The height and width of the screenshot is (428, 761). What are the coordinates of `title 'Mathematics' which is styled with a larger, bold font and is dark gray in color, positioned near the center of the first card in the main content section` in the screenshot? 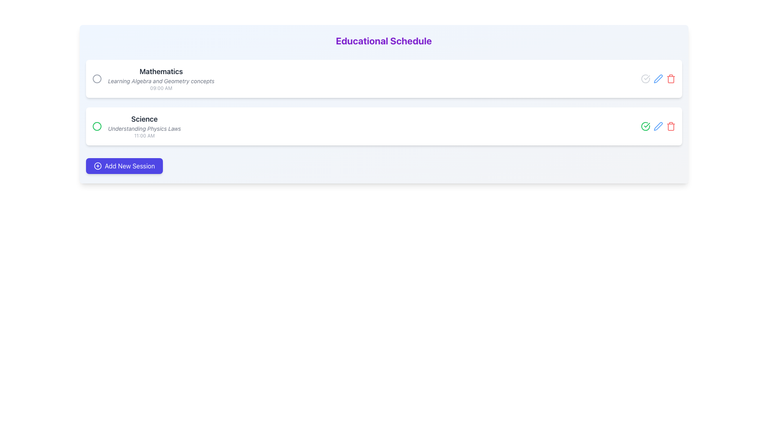 It's located at (161, 72).